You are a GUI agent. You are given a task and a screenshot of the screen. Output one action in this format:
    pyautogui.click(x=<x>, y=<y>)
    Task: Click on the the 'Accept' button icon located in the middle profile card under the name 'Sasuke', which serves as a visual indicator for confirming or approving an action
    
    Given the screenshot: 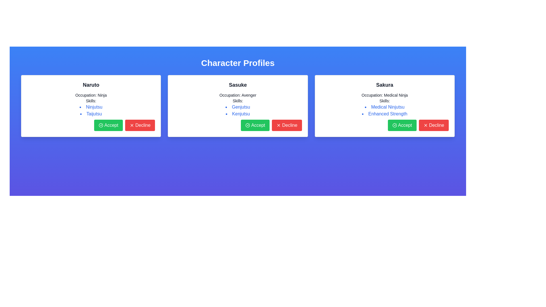 What is the action you would take?
    pyautogui.click(x=248, y=125)
    